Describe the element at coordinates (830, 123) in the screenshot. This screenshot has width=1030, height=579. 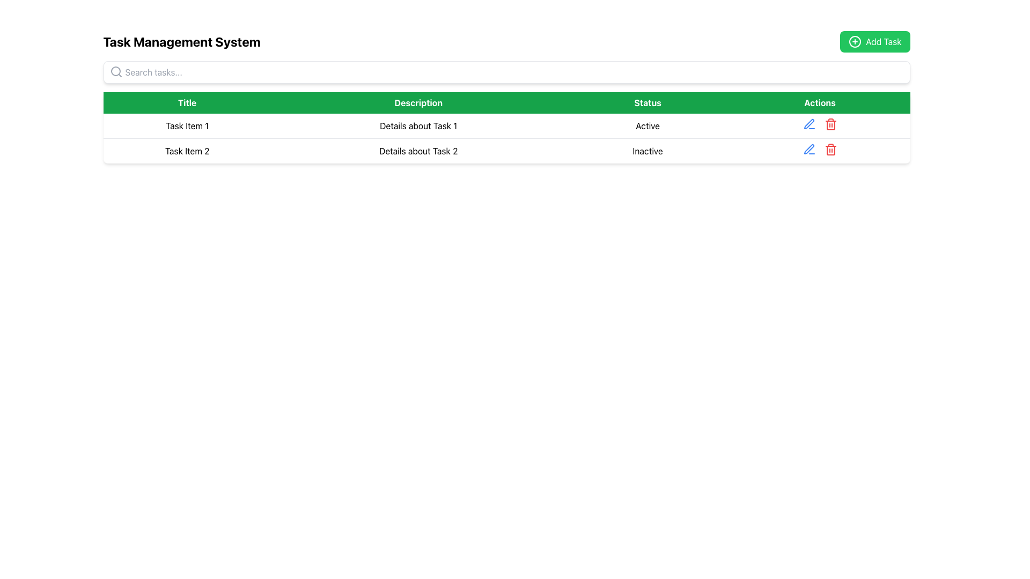
I see `the red-colored trash bin icon button located in the 'Actions' column for 'Task Item 1'` at that location.